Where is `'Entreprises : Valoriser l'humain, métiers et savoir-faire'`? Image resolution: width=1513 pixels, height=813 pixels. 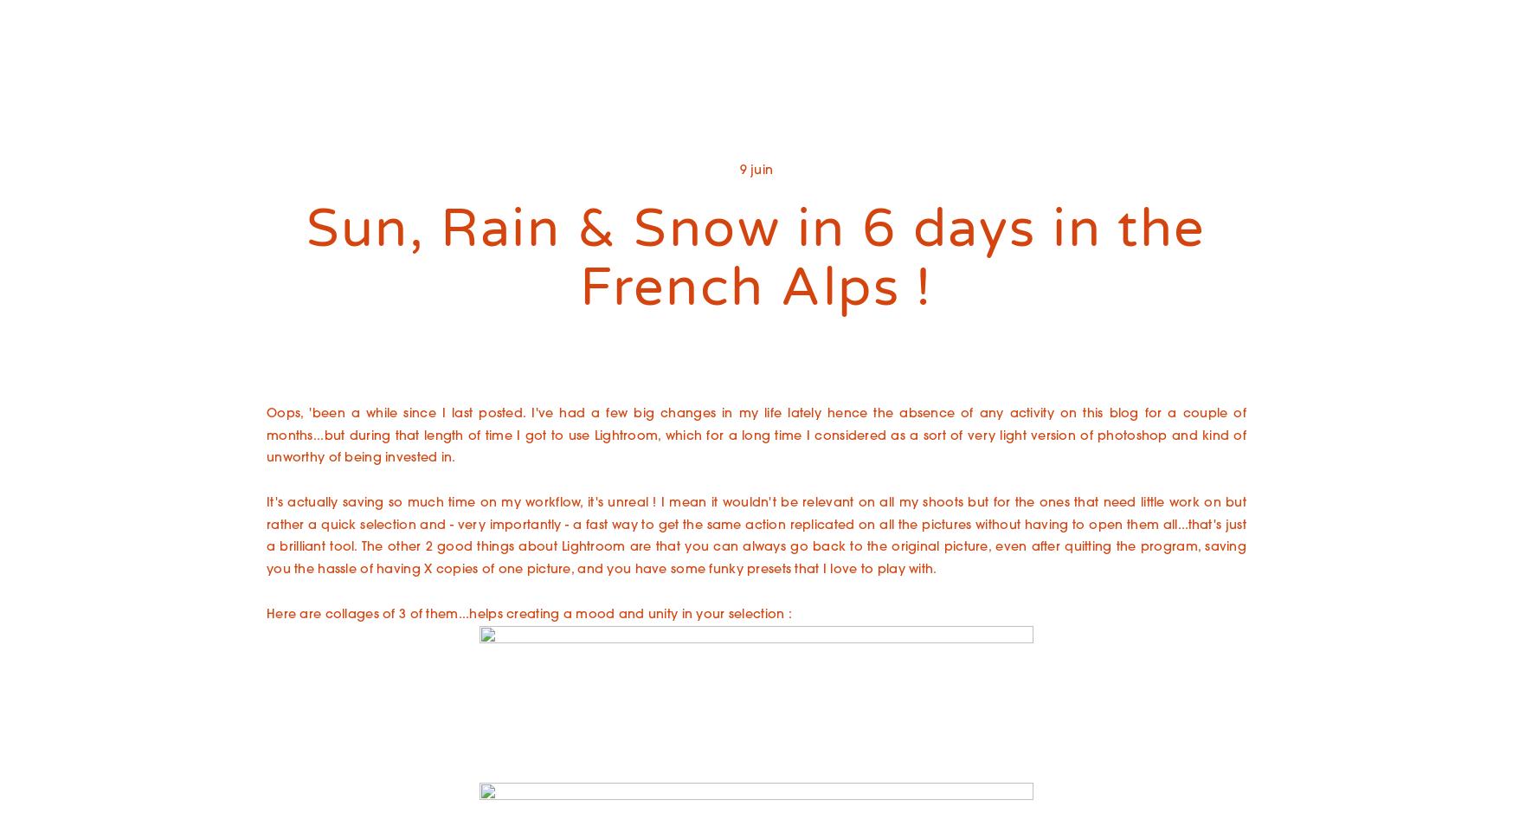 'Entreprises : Valoriser l'humain, métiers et savoir-faire' is located at coordinates (785, 126).